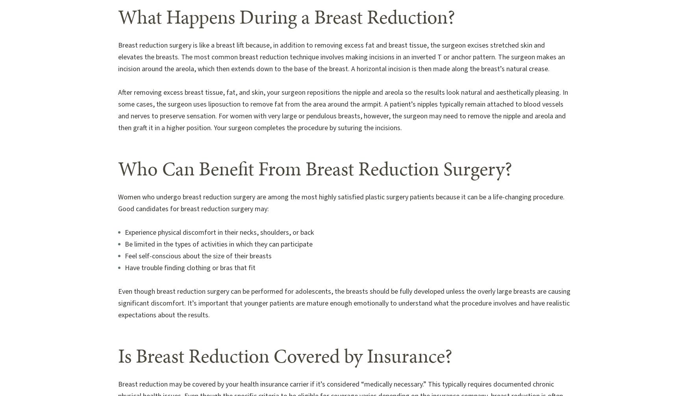 This screenshot has width=689, height=396. I want to click on 'Be limited in the types of activities in which they can participate', so click(218, 244).